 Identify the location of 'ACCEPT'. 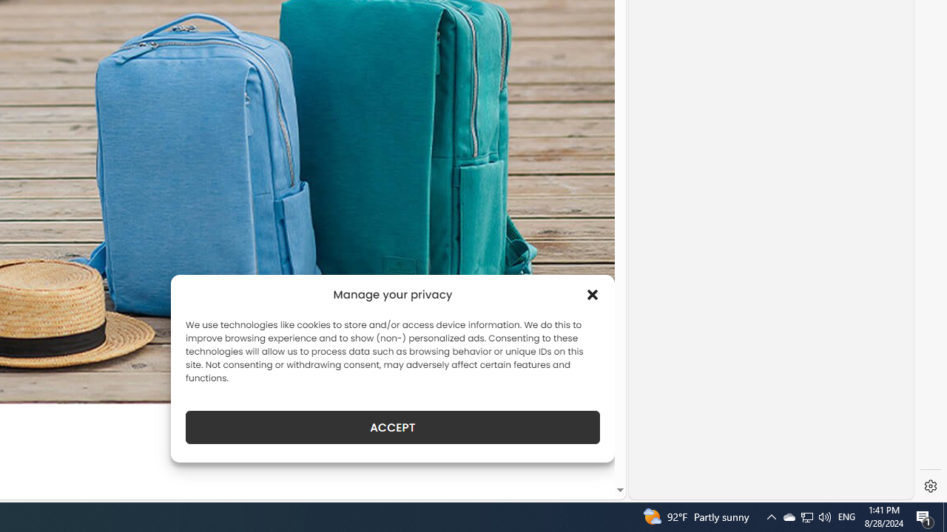
(393, 427).